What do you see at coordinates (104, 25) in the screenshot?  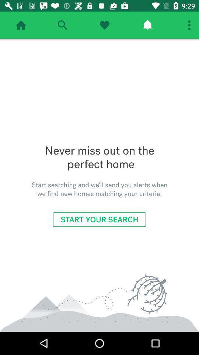 I see `this page` at bounding box center [104, 25].